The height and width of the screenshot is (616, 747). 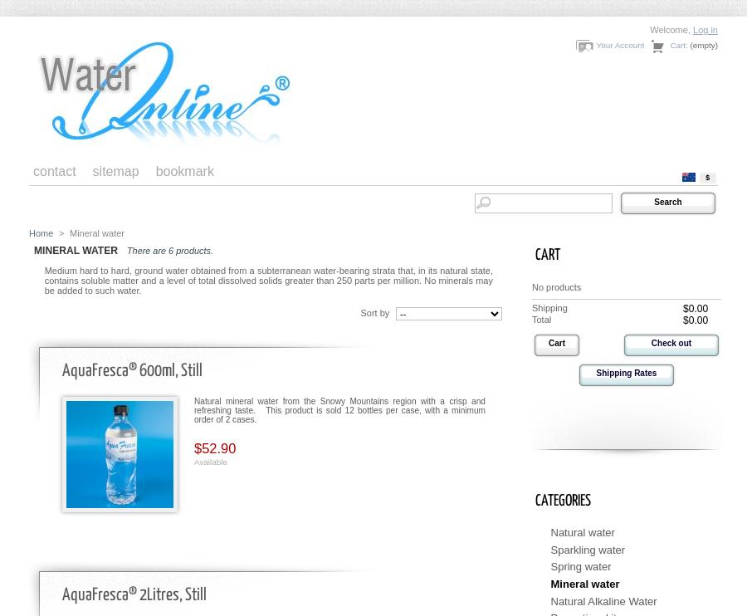 What do you see at coordinates (53, 171) in the screenshot?
I see `'contact'` at bounding box center [53, 171].